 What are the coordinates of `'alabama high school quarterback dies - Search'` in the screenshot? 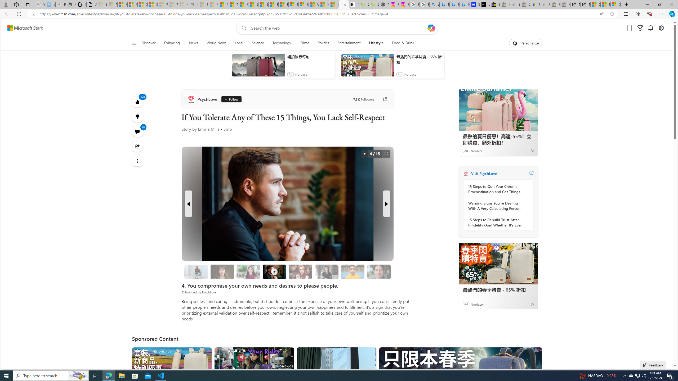 It's located at (434, 4).